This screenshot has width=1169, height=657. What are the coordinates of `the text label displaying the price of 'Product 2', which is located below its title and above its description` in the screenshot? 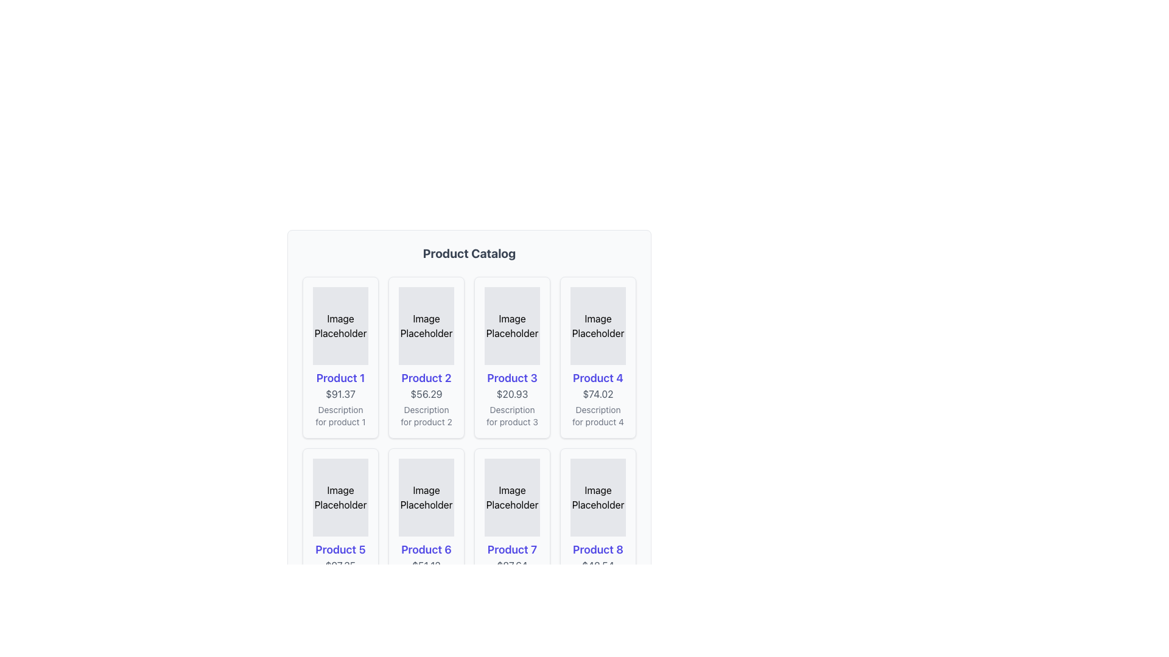 It's located at (426, 394).